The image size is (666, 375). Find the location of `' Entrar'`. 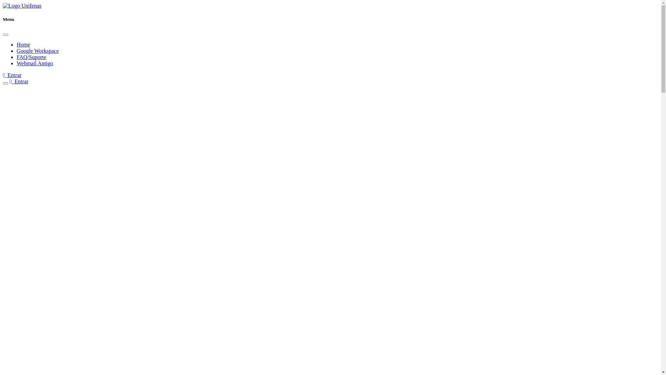

' Entrar' is located at coordinates (12, 75).